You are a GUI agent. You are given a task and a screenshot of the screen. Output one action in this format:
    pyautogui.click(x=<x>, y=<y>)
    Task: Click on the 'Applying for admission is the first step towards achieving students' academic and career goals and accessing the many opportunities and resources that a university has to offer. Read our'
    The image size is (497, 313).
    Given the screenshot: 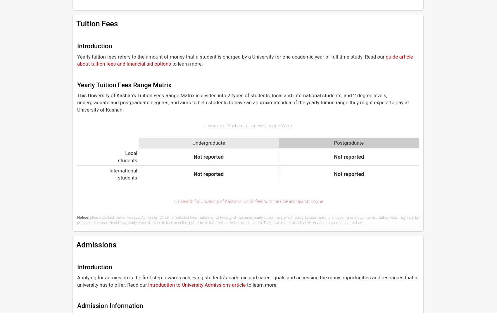 What is the action you would take?
    pyautogui.click(x=247, y=280)
    